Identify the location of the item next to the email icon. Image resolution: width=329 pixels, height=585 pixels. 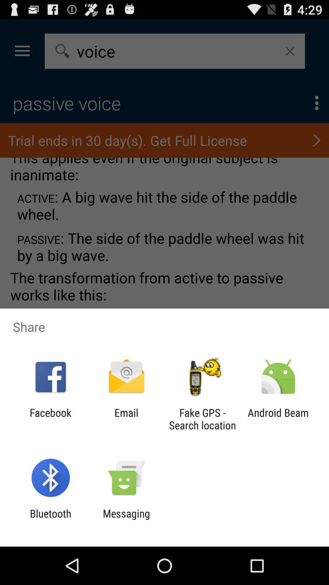
(50, 419).